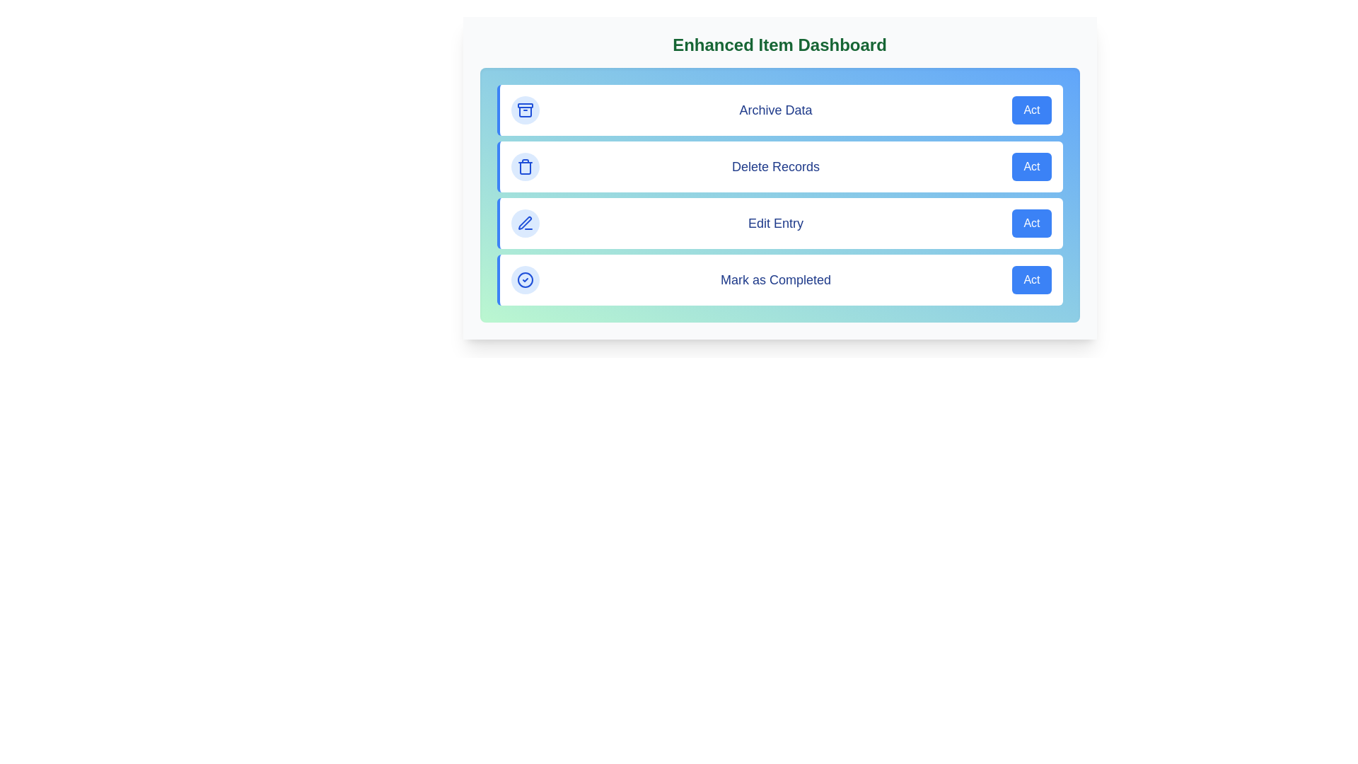 The height and width of the screenshot is (764, 1358). Describe the element at coordinates (779, 166) in the screenshot. I see `the action item labeled 'Delete Records' to observe its hover effect` at that location.